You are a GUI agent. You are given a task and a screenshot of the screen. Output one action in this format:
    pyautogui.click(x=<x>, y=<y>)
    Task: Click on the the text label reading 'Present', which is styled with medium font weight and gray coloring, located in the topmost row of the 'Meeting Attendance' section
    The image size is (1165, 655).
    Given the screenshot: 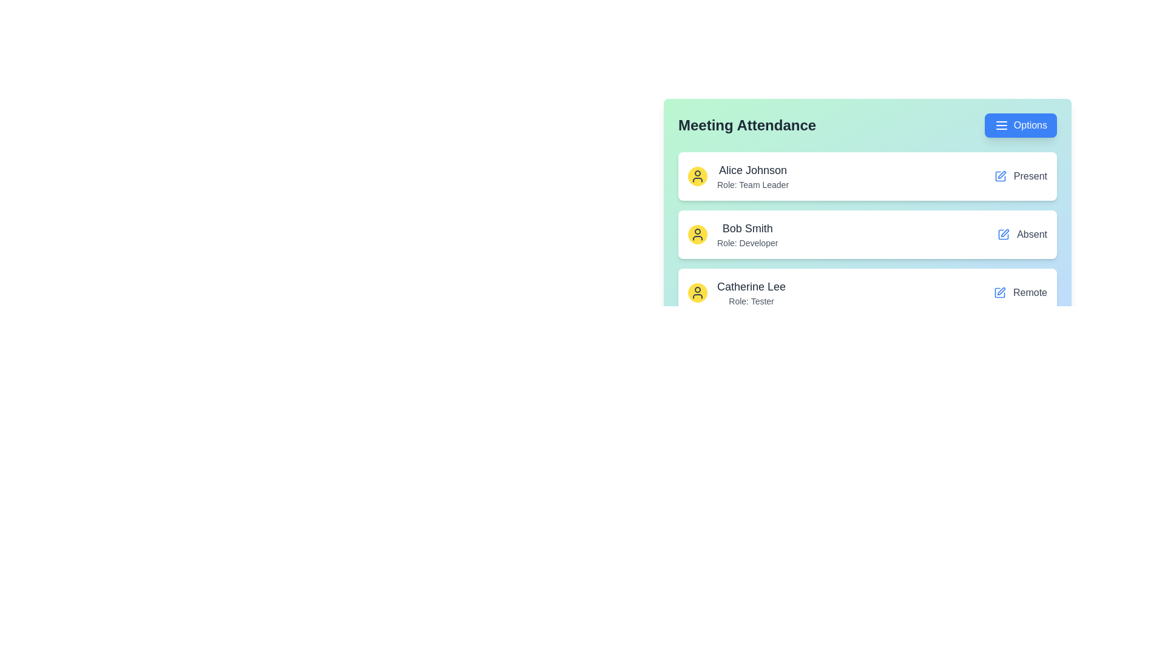 What is the action you would take?
    pyautogui.click(x=1030, y=176)
    